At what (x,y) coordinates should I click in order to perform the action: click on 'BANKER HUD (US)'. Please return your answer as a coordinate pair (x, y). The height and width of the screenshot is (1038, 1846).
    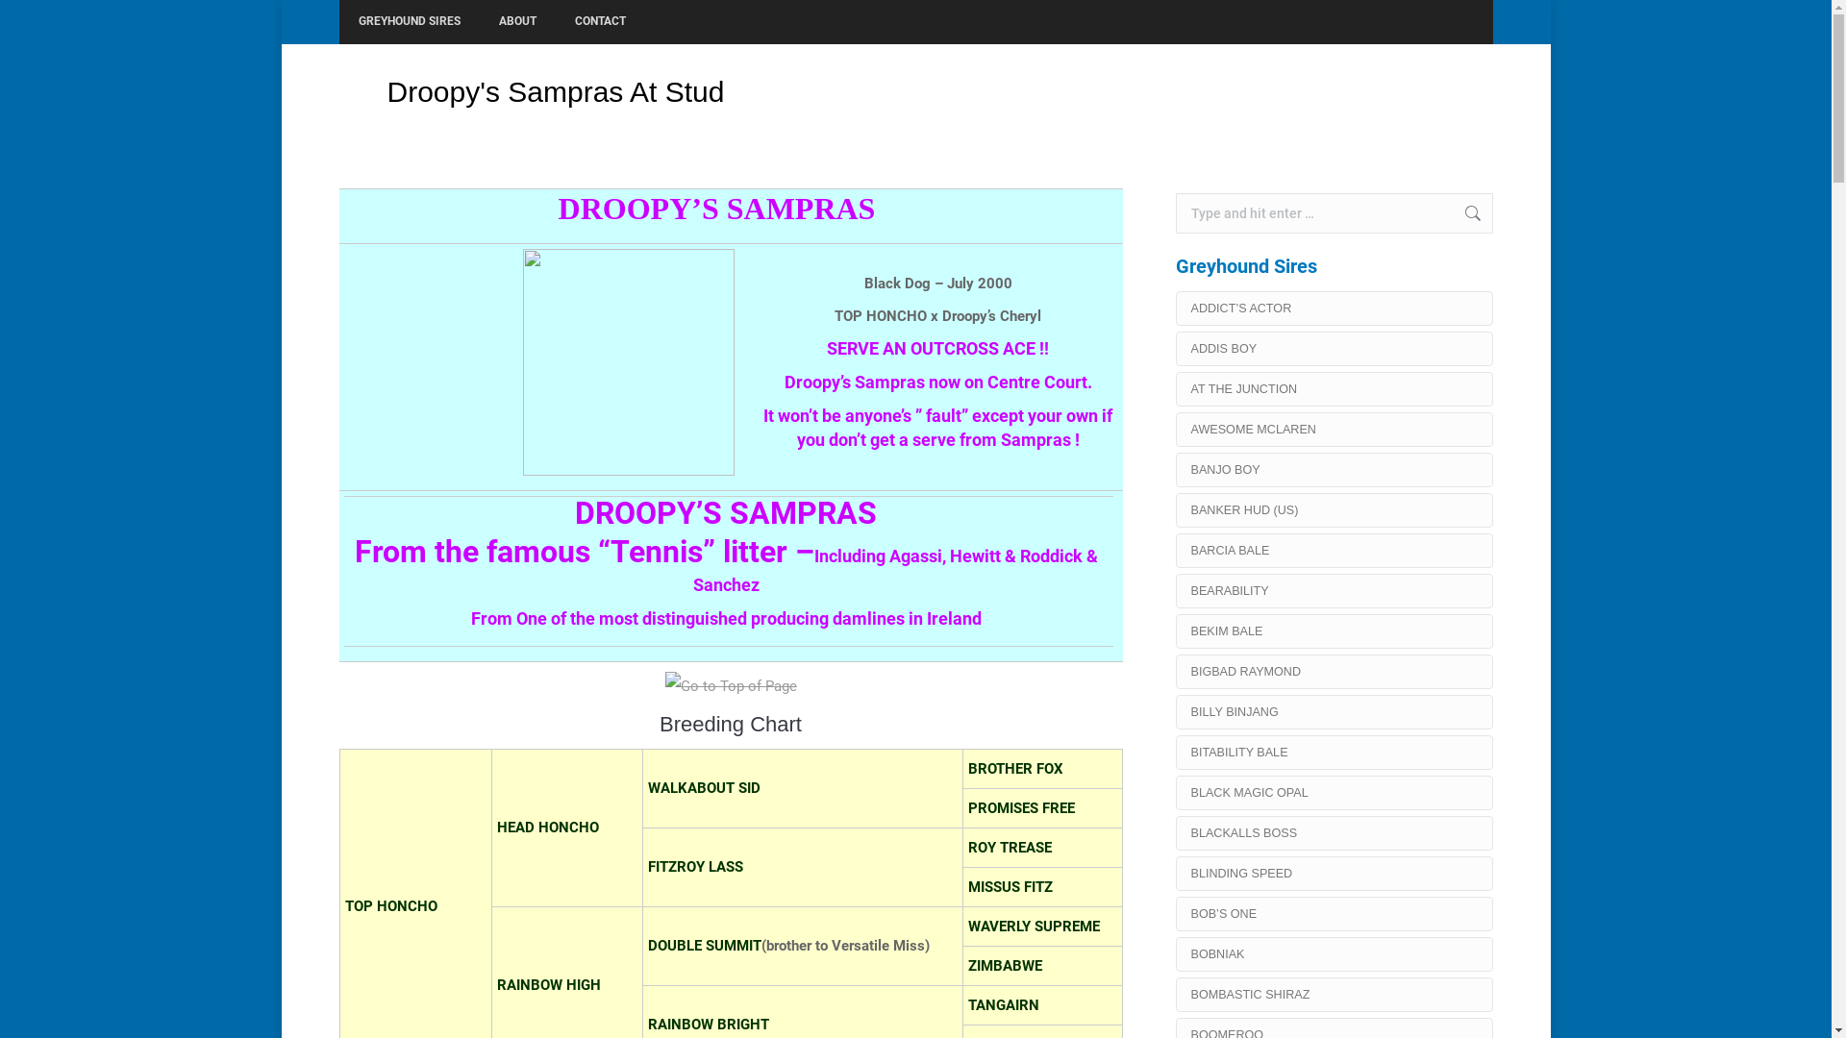
    Looking at the image, I should click on (1174, 509).